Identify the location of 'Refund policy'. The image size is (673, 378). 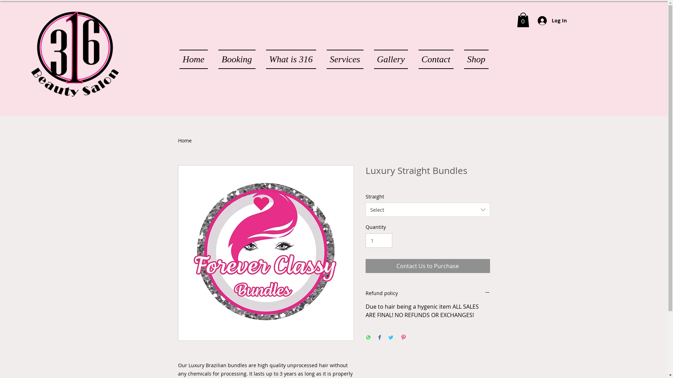
(427, 293).